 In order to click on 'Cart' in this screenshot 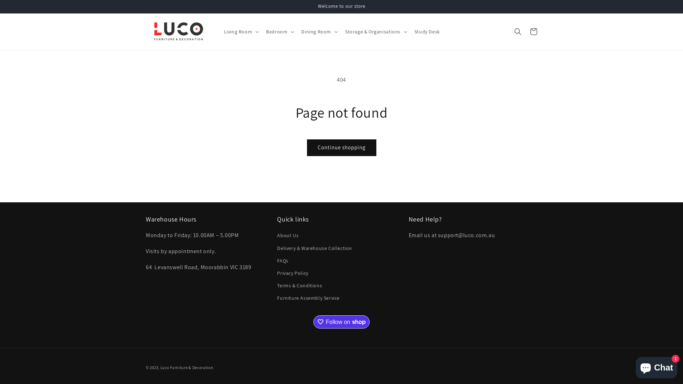, I will do `click(526, 31)`.